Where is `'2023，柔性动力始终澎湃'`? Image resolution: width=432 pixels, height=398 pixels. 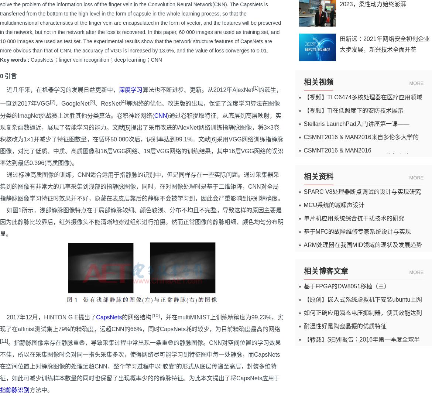
'2023，柔性动力始终澎湃' is located at coordinates (339, 4).